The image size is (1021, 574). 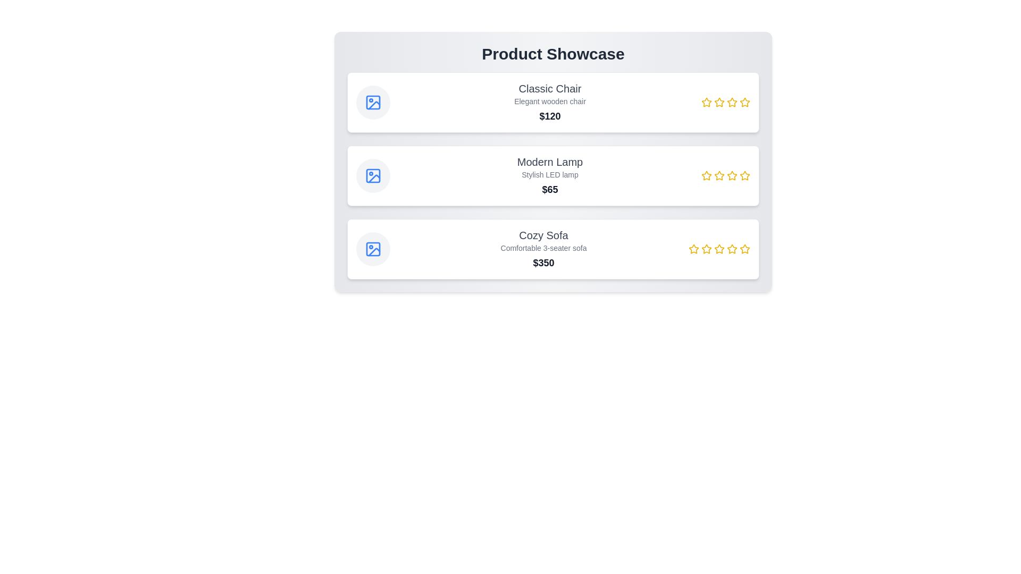 What do you see at coordinates (373, 249) in the screenshot?
I see `the image icon of the product 'Cozy Sofa' to examine its image` at bounding box center [373, 249].